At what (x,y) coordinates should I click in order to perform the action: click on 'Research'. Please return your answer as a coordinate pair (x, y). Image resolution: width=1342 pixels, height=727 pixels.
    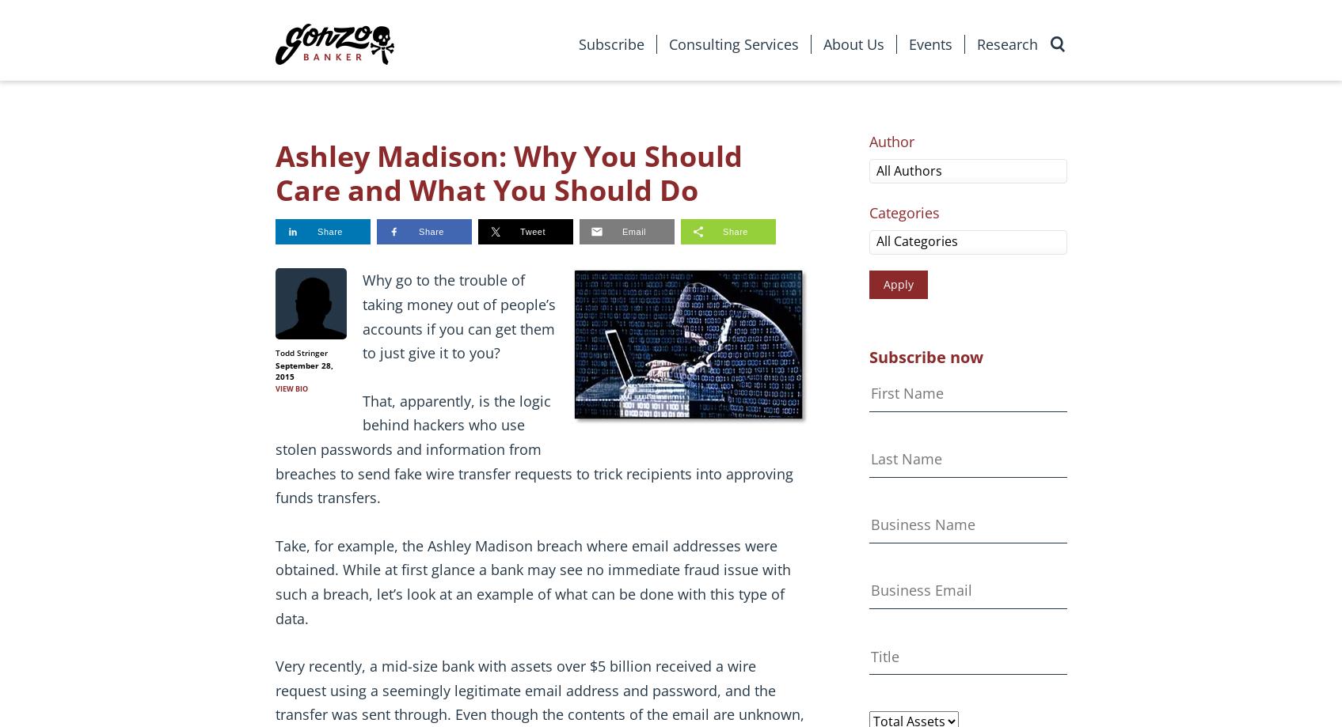
    Looking at the image, I should click on (975, 44).